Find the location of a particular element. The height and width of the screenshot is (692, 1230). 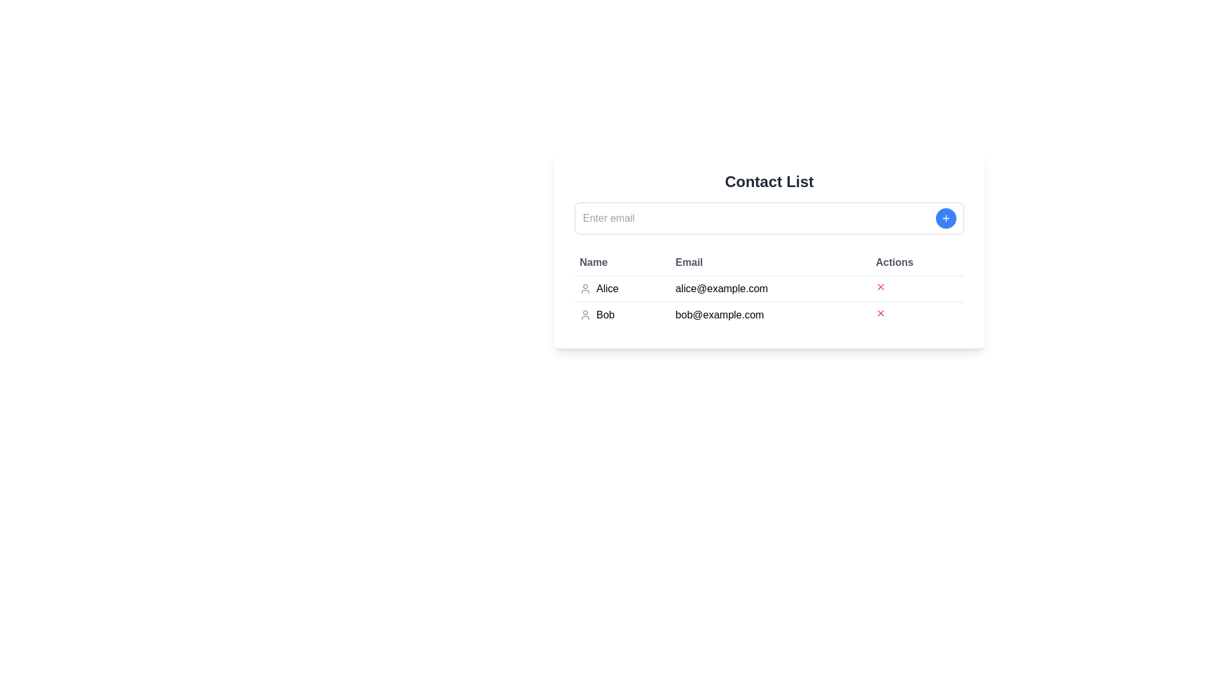

the small red 'X' icon in the 'Actions' column corresponding to 'Bob' in the 'Contact List' table is located at coordinates (880, 313).